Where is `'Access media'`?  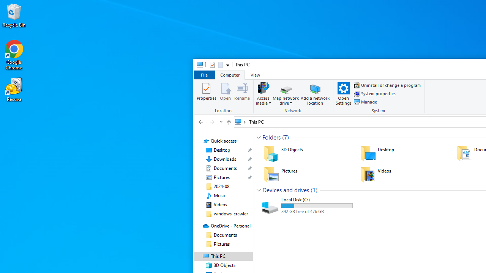
'Access media' is located at coordinates (263, 93).